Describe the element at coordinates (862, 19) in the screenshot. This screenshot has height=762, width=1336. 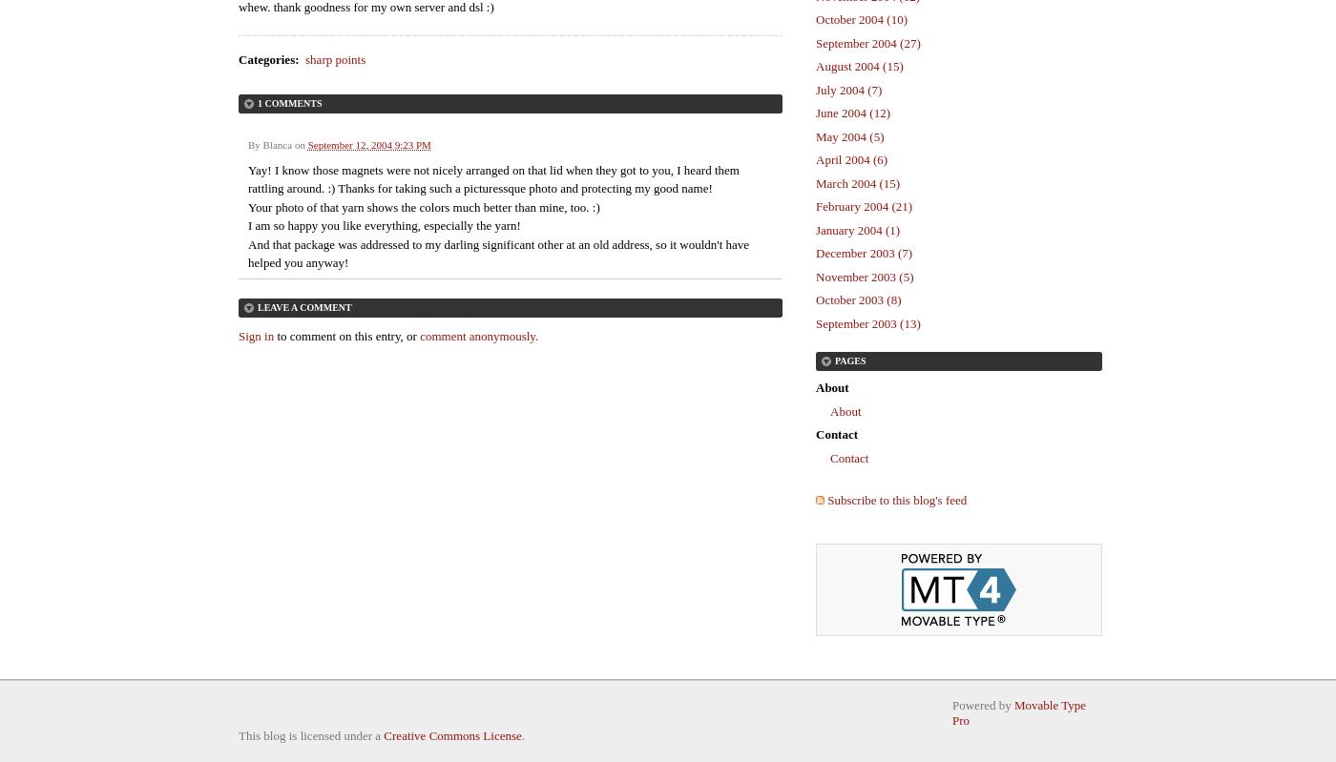
I see `'October 2004 (10)'` at that location.